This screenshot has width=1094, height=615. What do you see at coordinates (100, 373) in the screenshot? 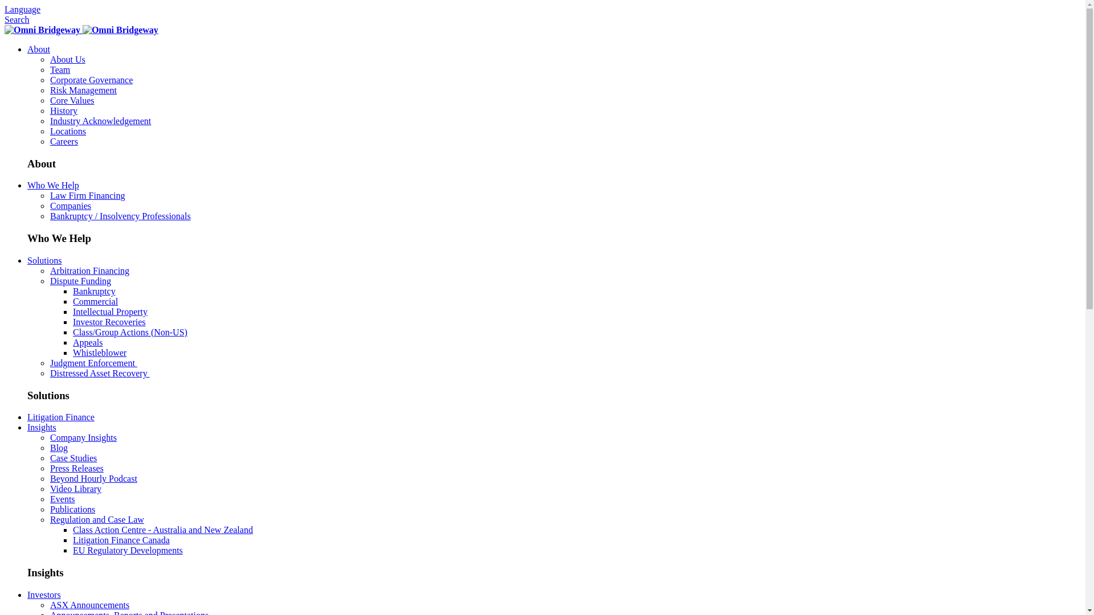
I see `'Distressed Asset Recovery '` at bounding box center [100, 373].